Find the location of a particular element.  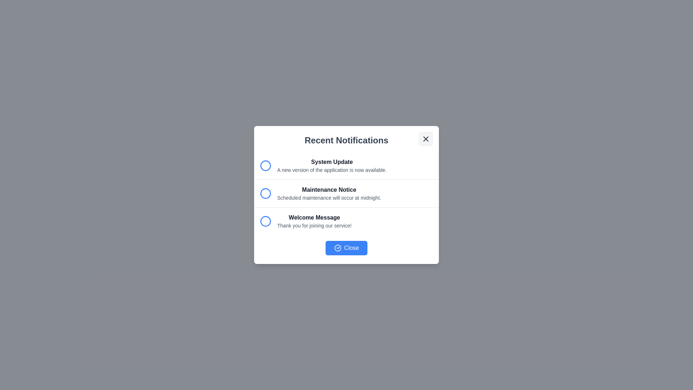

the 'Close' button to close the dialog is located at coordinates (346, 247).